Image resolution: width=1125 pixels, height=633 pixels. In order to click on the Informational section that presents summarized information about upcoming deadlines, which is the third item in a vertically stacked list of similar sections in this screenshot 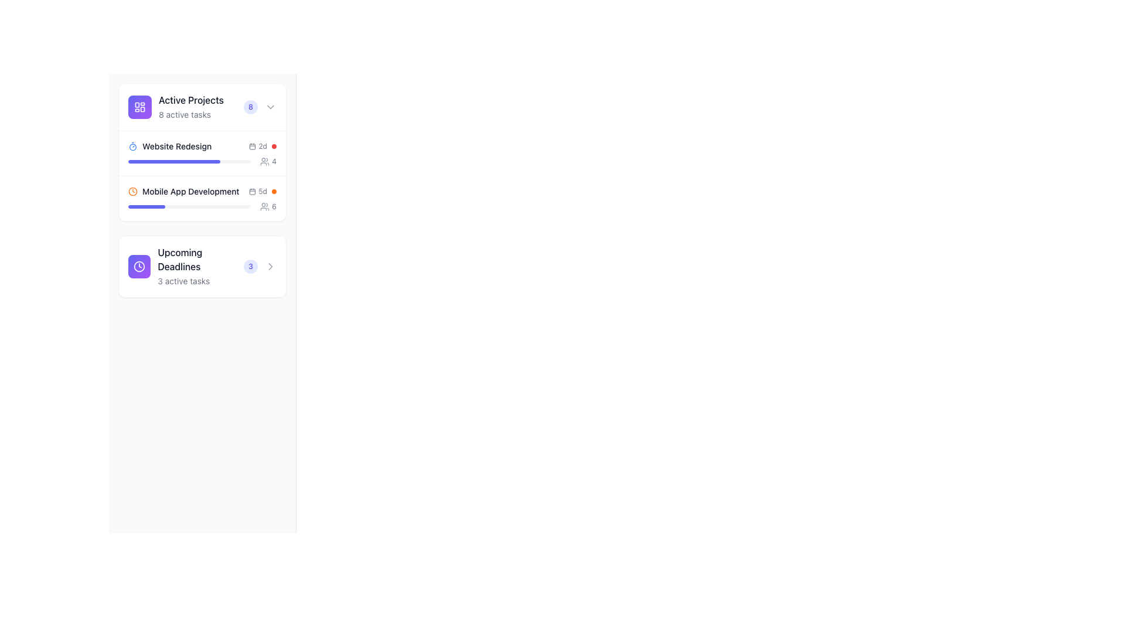, I will do `click(185, 267)`.